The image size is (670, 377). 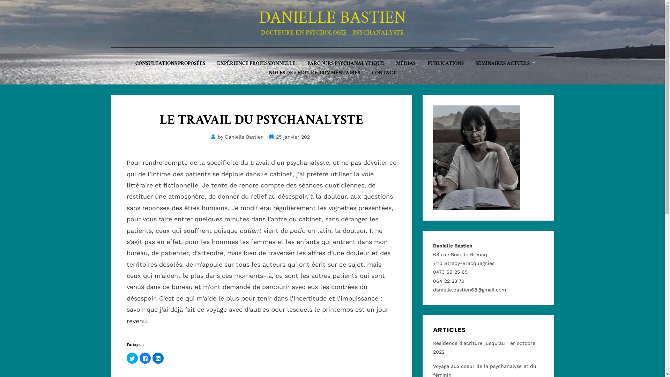 What do you see at coordinates (345, 63) in the screenshot?
I see `'PARCOURS PSYCHANALYTIQUE'` at bounding box center [345, 63].